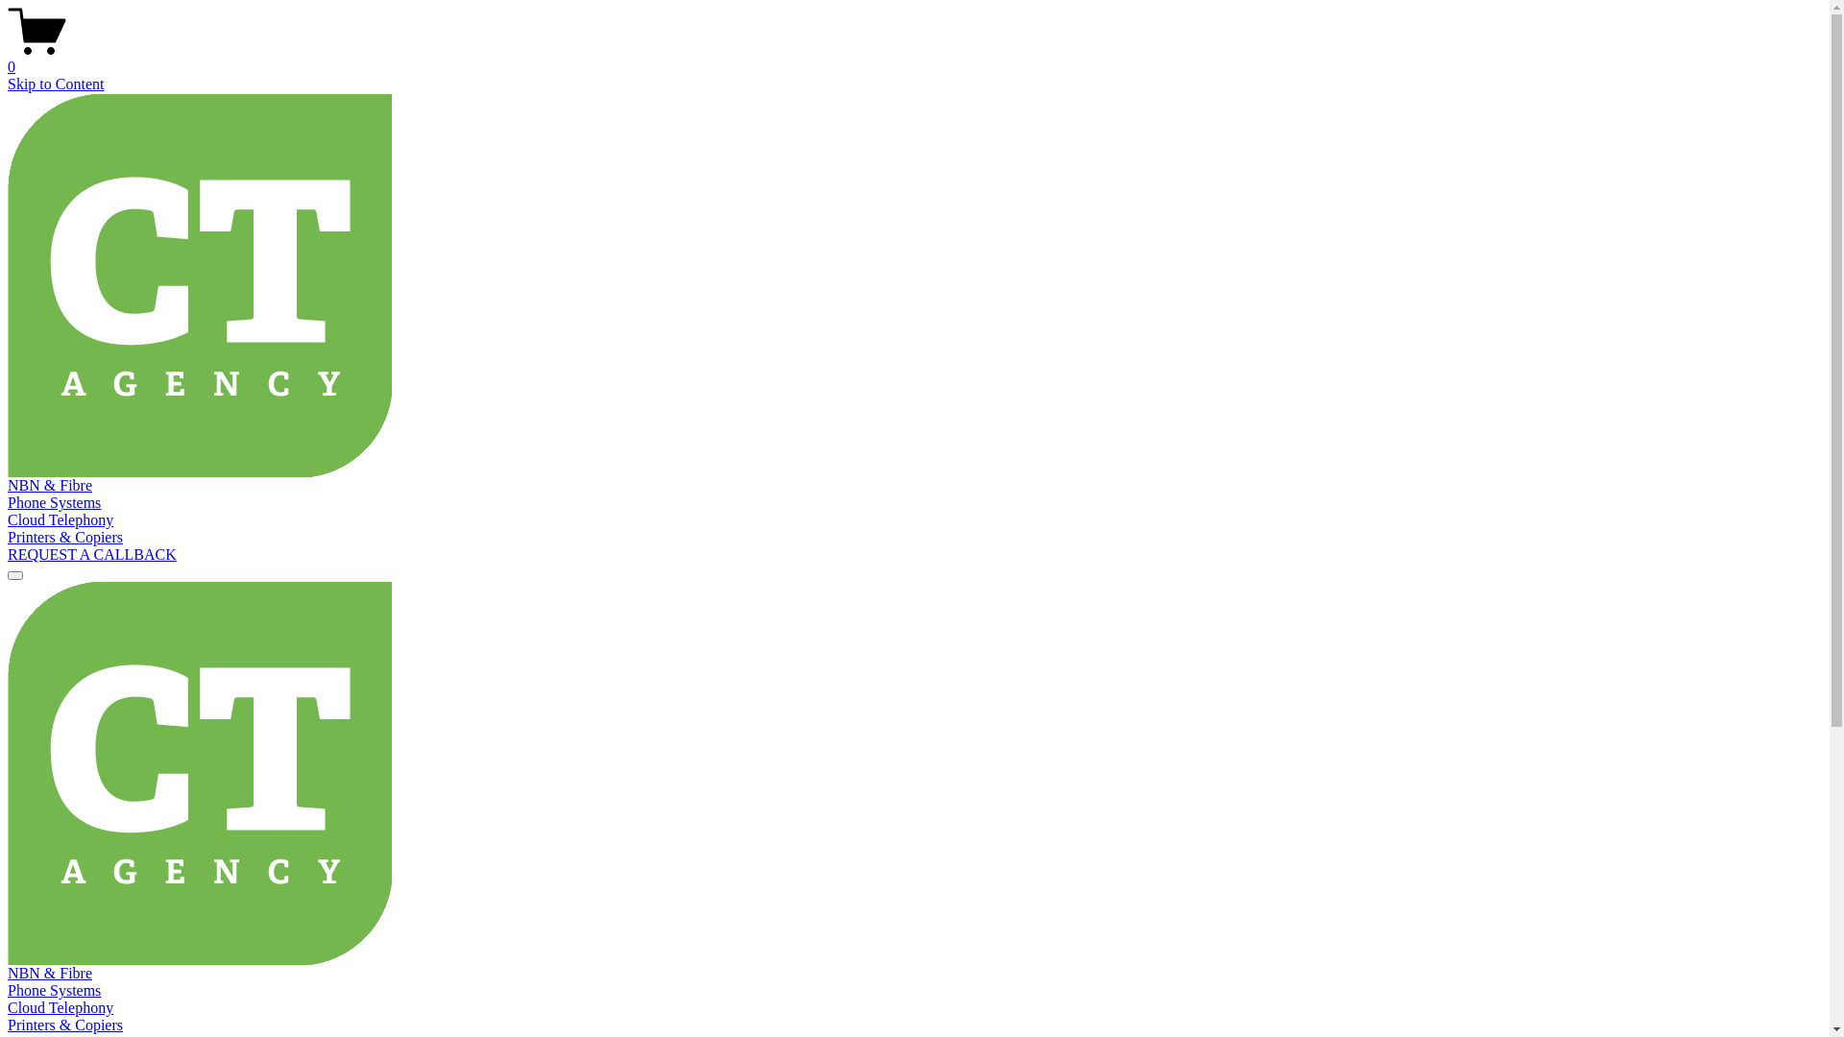 The image size is (1844, 1037). What do you see at coordinates (54, 990) in the screenshot?
I see `'Phone Systems'` at bounding box center [54, 990].